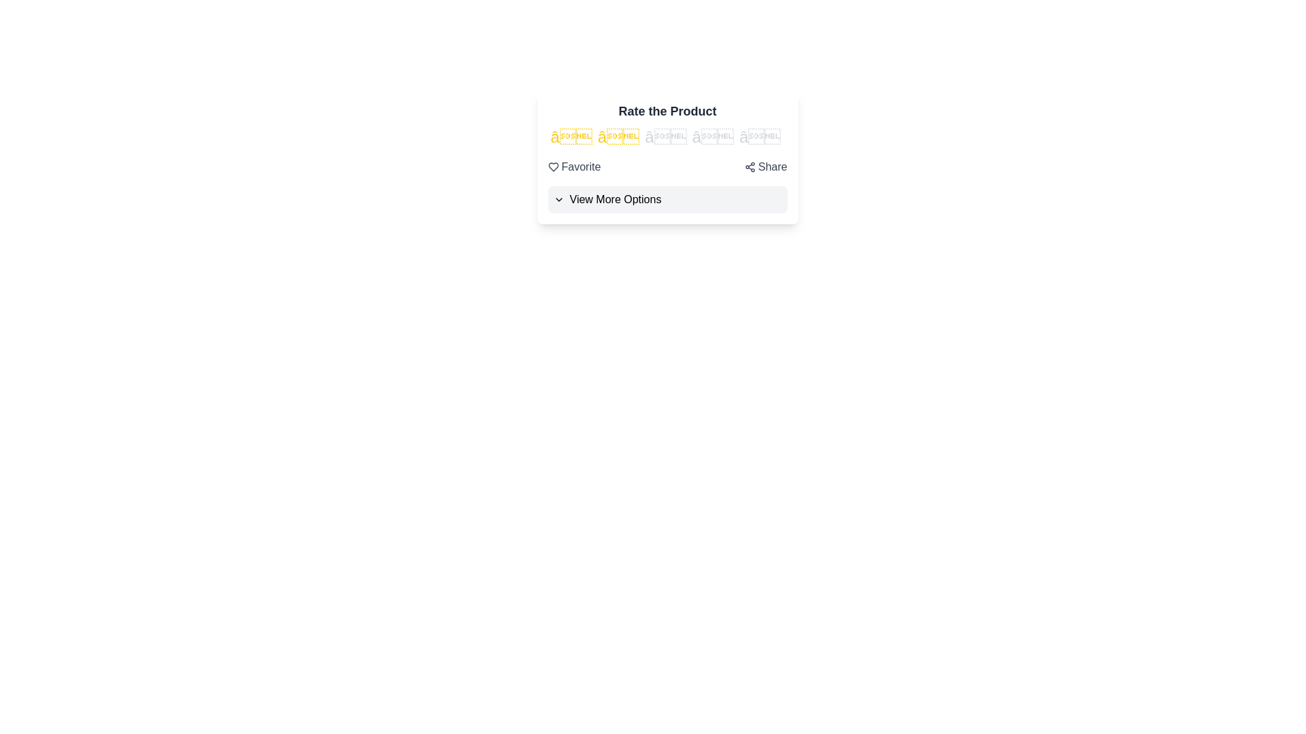 This screenshot has width=1306, height=734. I want to click on the 'Share' button to share the product, so click(766, 167).